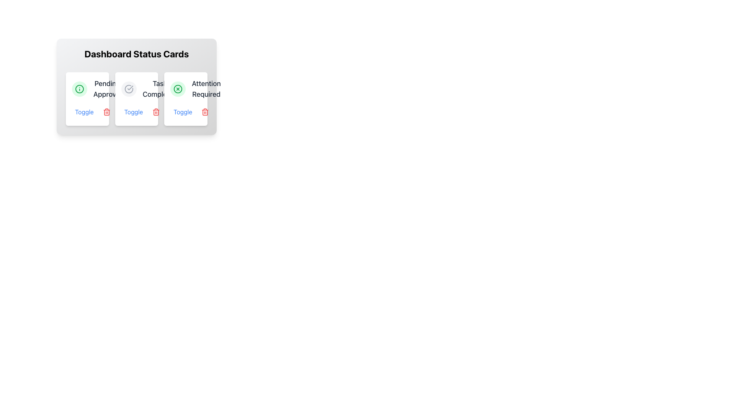  Describe the element at coordinates (155, 112) in the screenshot. I see `the red trash icon button located in the third card of the 'Attention Required' section in the 'Dashboard Status Cards'` at that location.